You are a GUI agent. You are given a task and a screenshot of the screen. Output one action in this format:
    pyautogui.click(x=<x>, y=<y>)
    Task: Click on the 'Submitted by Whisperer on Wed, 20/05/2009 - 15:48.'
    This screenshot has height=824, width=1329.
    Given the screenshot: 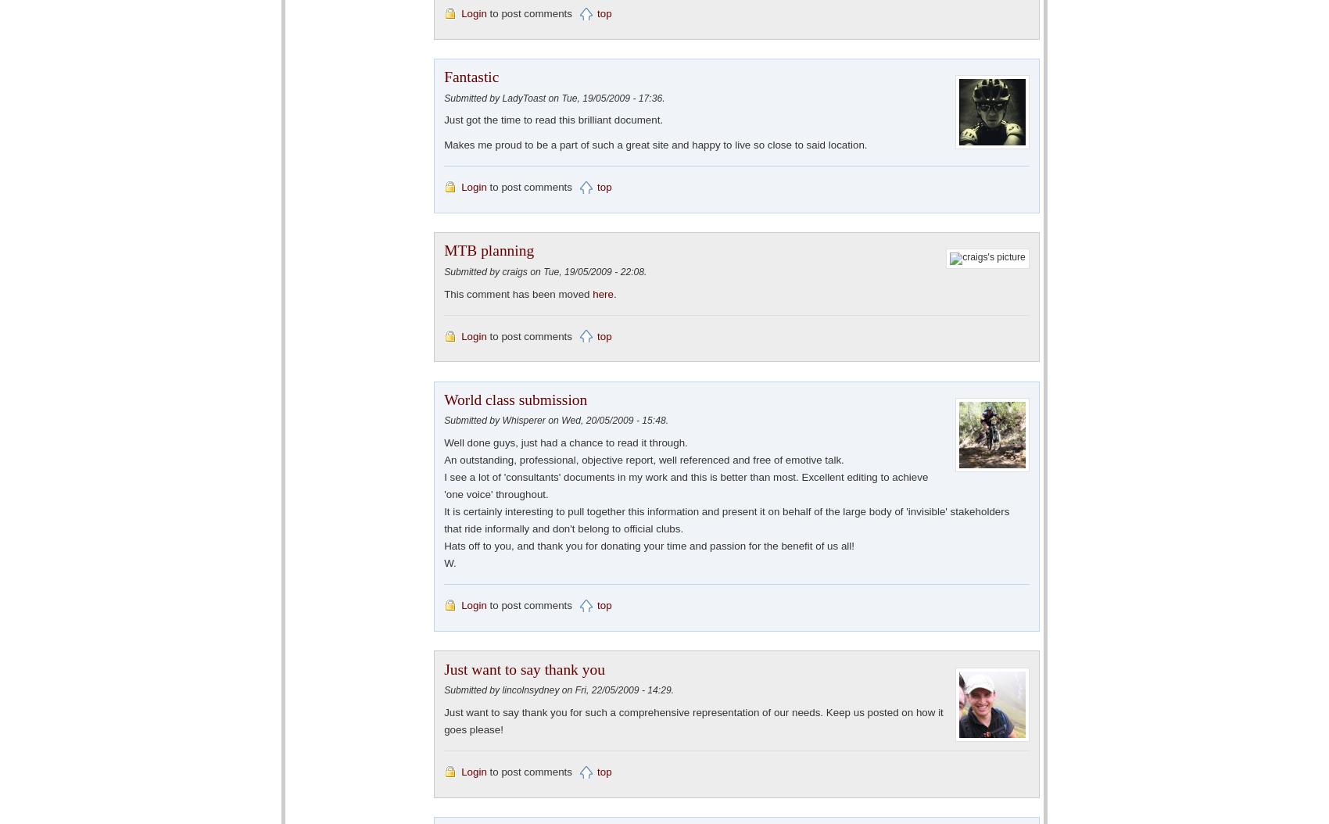 What is the action you would take?
    pyautogui.click(x=556, y=420)
    